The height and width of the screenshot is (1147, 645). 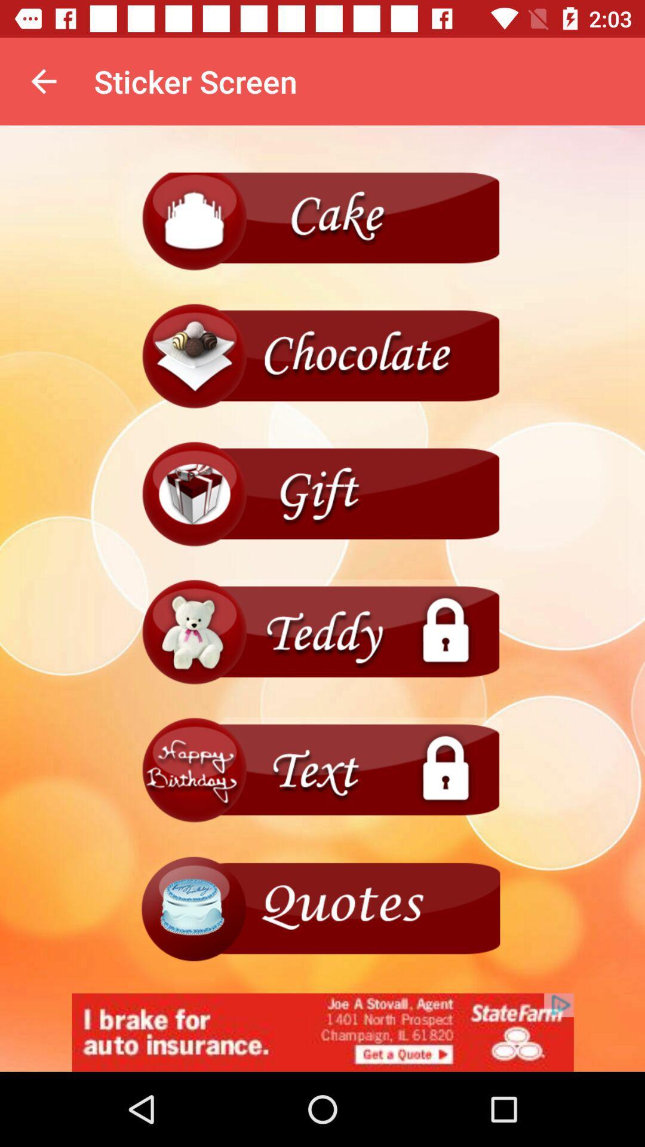 I want to click on game page, so click(x=322, y=495).